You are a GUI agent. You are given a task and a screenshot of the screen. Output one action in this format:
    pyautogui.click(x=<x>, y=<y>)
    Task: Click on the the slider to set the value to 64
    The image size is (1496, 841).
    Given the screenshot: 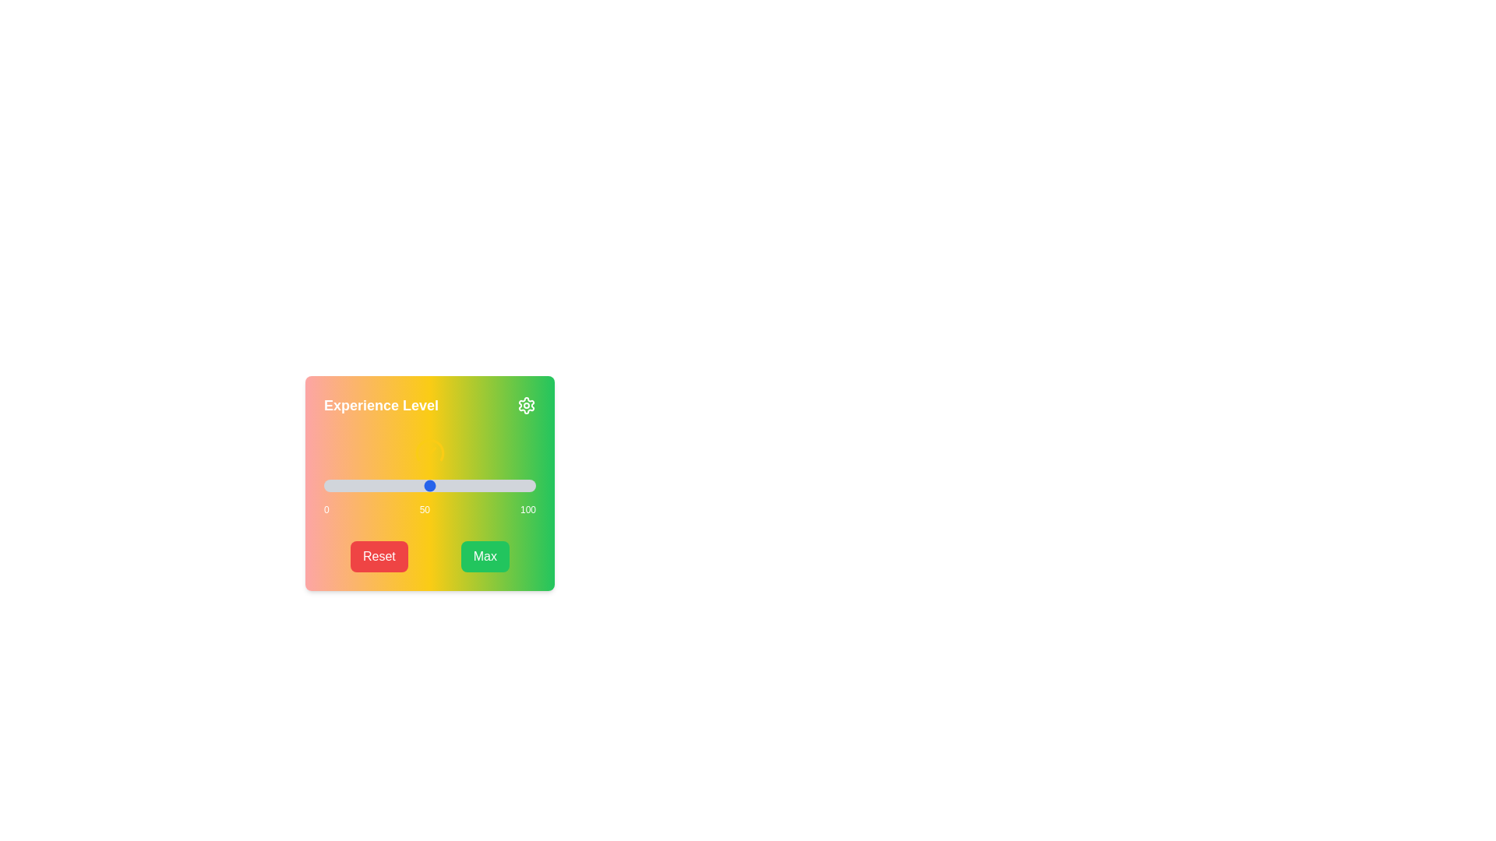 What is the action you would take?
    pyautogui.click(x=459, y=485)
    